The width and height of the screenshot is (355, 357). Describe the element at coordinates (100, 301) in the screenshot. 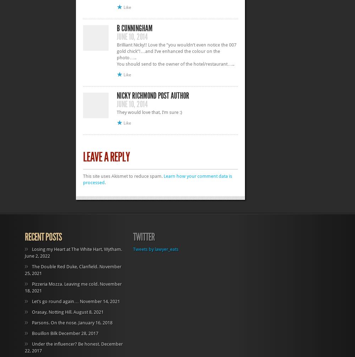

I see `'November 14, 2021'` at that location.